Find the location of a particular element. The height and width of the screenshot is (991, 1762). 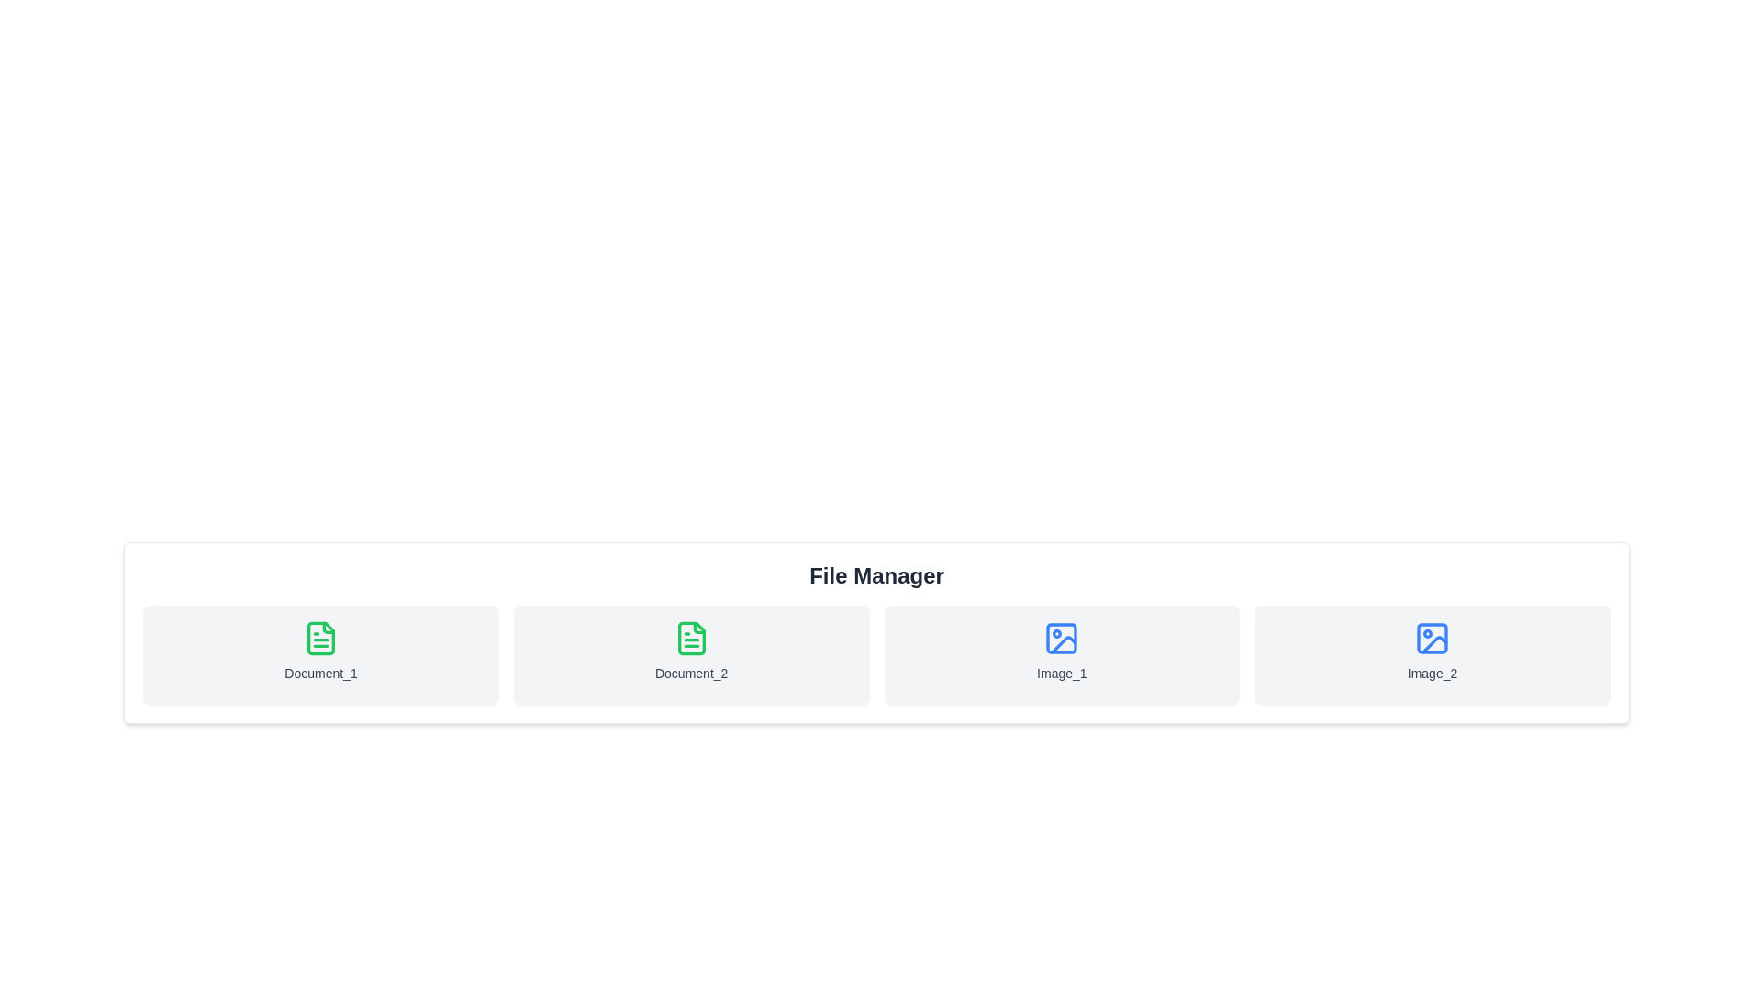

the first card is located at coordinates (321, 653).